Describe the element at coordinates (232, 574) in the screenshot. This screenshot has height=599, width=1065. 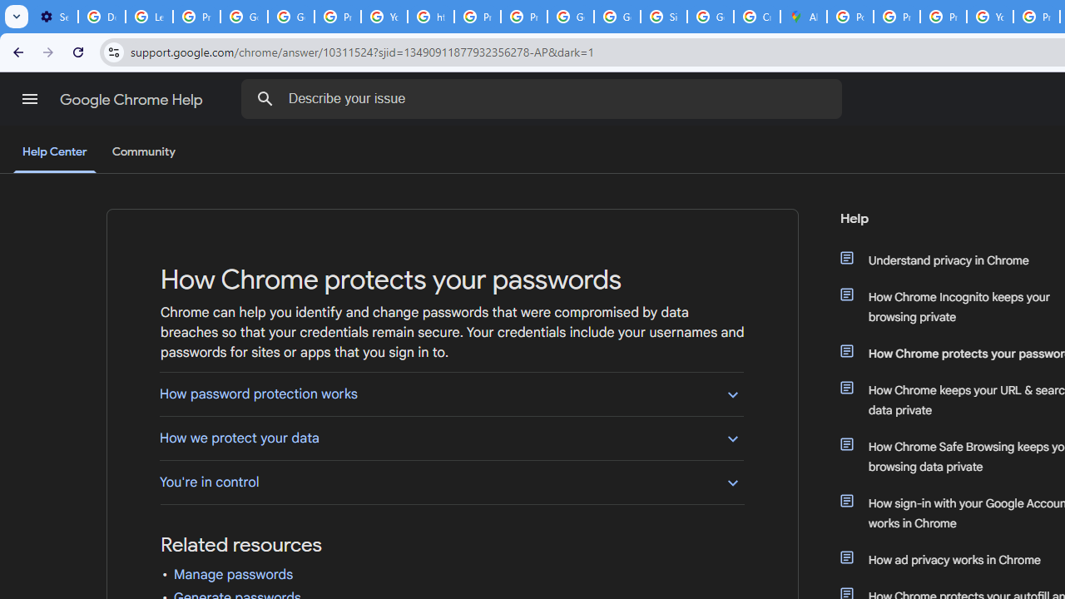
I see `'Manage passwords'` at that location.